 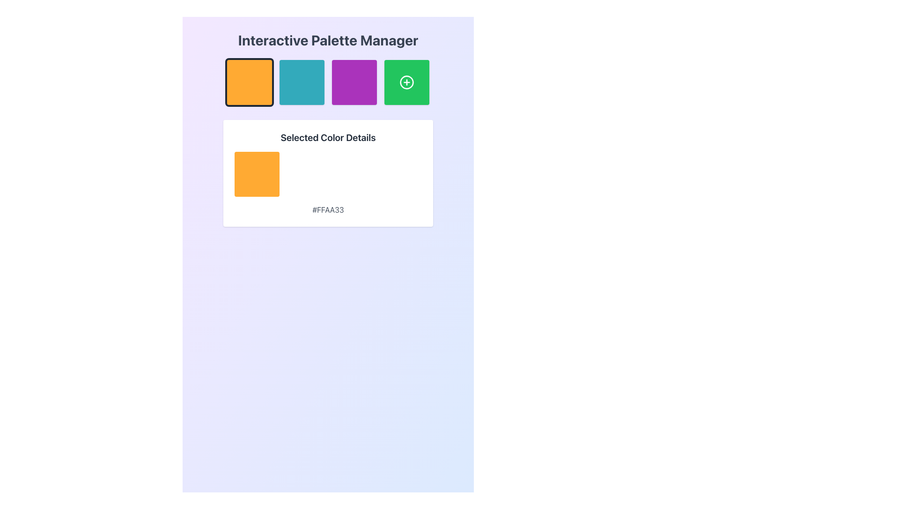 What do you see at coordinates (302, 82) in the screenshot?
I see `the second button in a grid layout with no labels, following an orange button` at bounding box center [302, 82].